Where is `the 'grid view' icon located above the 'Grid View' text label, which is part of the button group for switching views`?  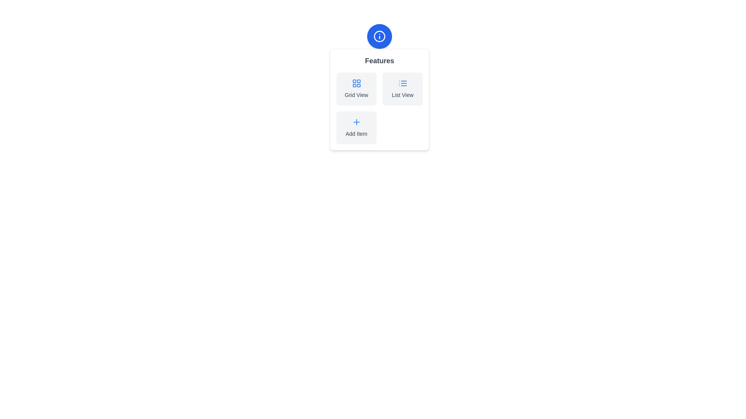 the 'grid view' icon located above the 'Grid View' text label, which is part of the button group for switching views is located at coordinates (356, 83).